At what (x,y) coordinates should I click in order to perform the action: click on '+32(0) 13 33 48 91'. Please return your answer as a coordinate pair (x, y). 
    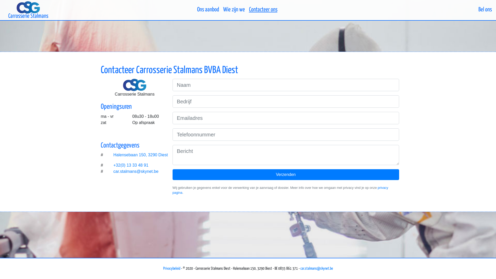
    Looking at the image, I should click on (131, 165).